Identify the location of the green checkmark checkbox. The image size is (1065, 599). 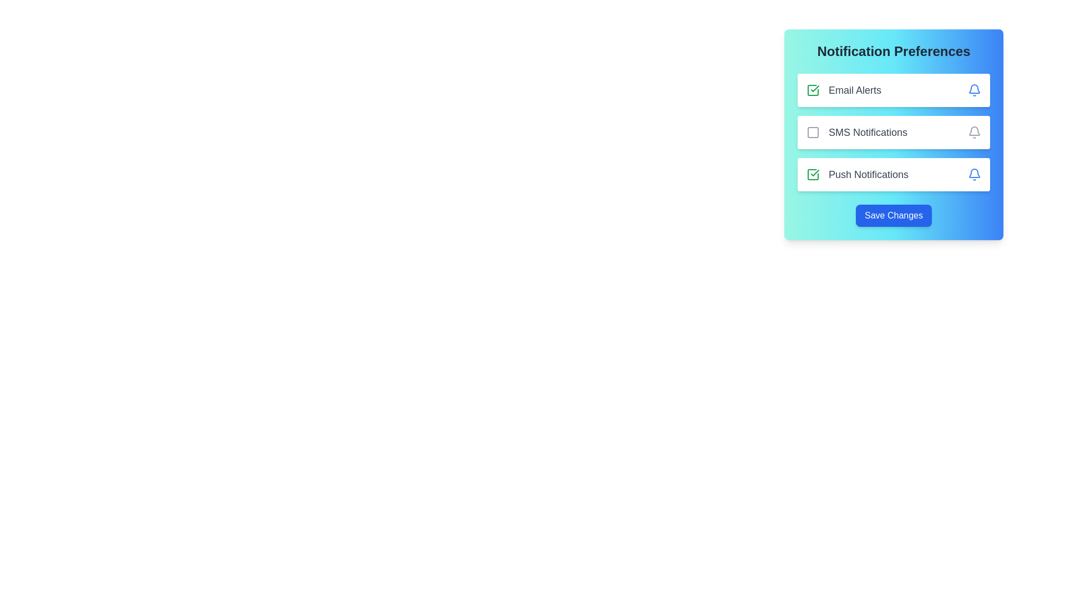
(813, 175).